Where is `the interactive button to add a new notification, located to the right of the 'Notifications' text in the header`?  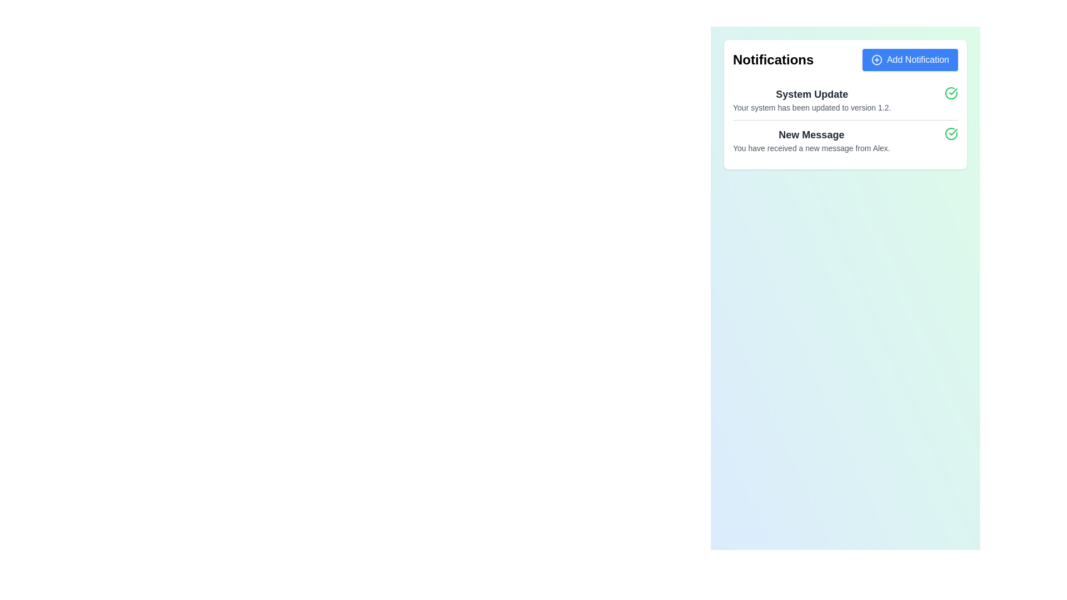 the interactive button to add a new notification, located to the right of the 'Notifications' text in the header is located at coordinates (910, 60).